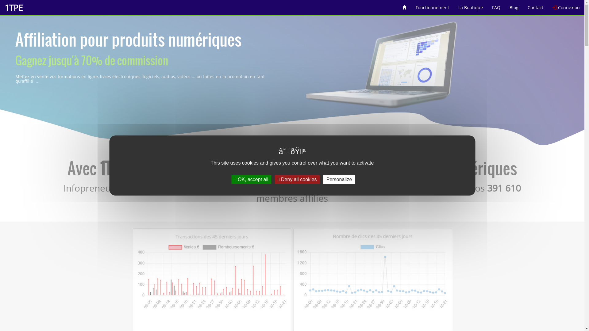 The height and width of the screenshot is (331, 589). I want to click on 'Connexion', so click(548, 5).